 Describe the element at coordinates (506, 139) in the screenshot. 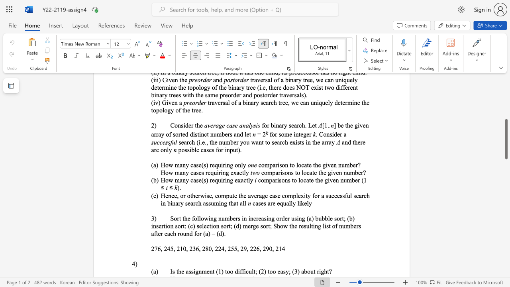

I see `the scrollbar and move up 80 pixels` at that location.